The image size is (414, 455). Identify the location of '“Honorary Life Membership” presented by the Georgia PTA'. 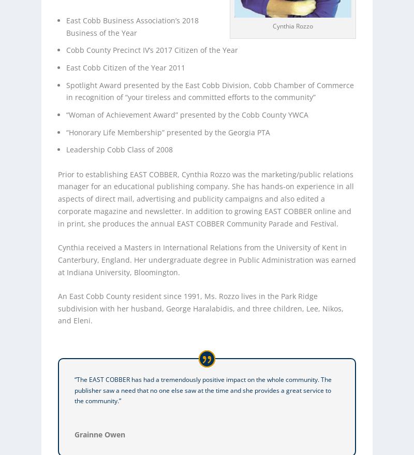
(167, 132).